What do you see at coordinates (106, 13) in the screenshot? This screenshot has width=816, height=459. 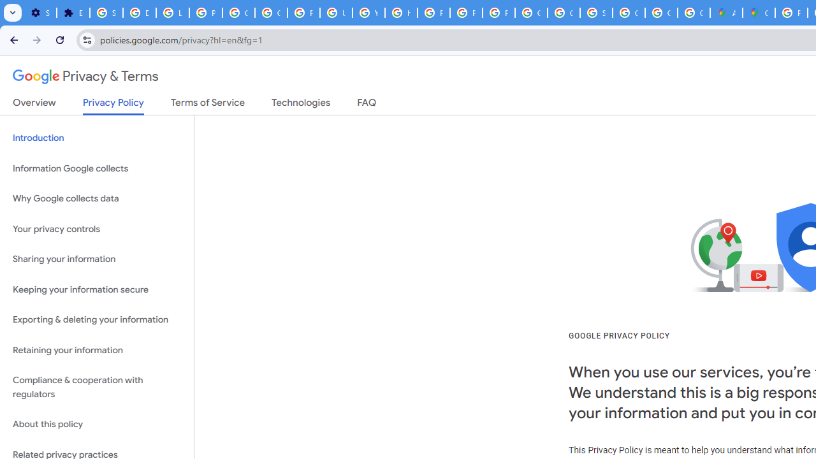 I see `'Sign in - Google Accounts'` at bounding box center [106, 13].